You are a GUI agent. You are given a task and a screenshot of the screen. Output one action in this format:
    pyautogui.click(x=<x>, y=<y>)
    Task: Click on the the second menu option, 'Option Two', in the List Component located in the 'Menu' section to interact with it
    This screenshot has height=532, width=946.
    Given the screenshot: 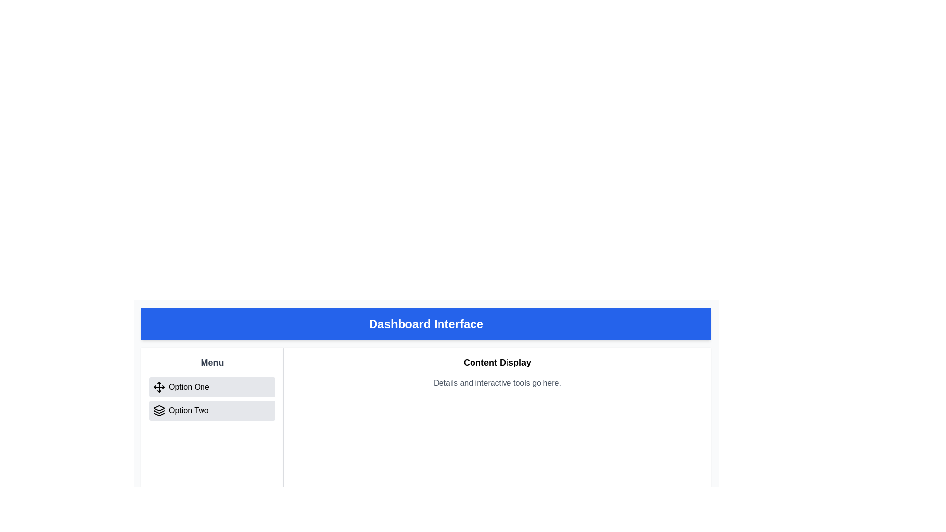 What is the action you would take?
    pyautogui.click(x=212, y=399)
    